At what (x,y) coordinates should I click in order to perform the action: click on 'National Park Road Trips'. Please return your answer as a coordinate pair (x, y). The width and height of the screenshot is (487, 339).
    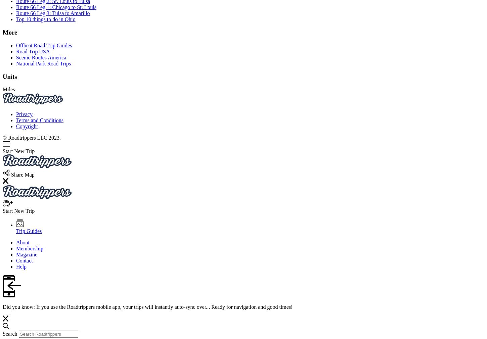
    Looking at the image, I should click on (43, 63).